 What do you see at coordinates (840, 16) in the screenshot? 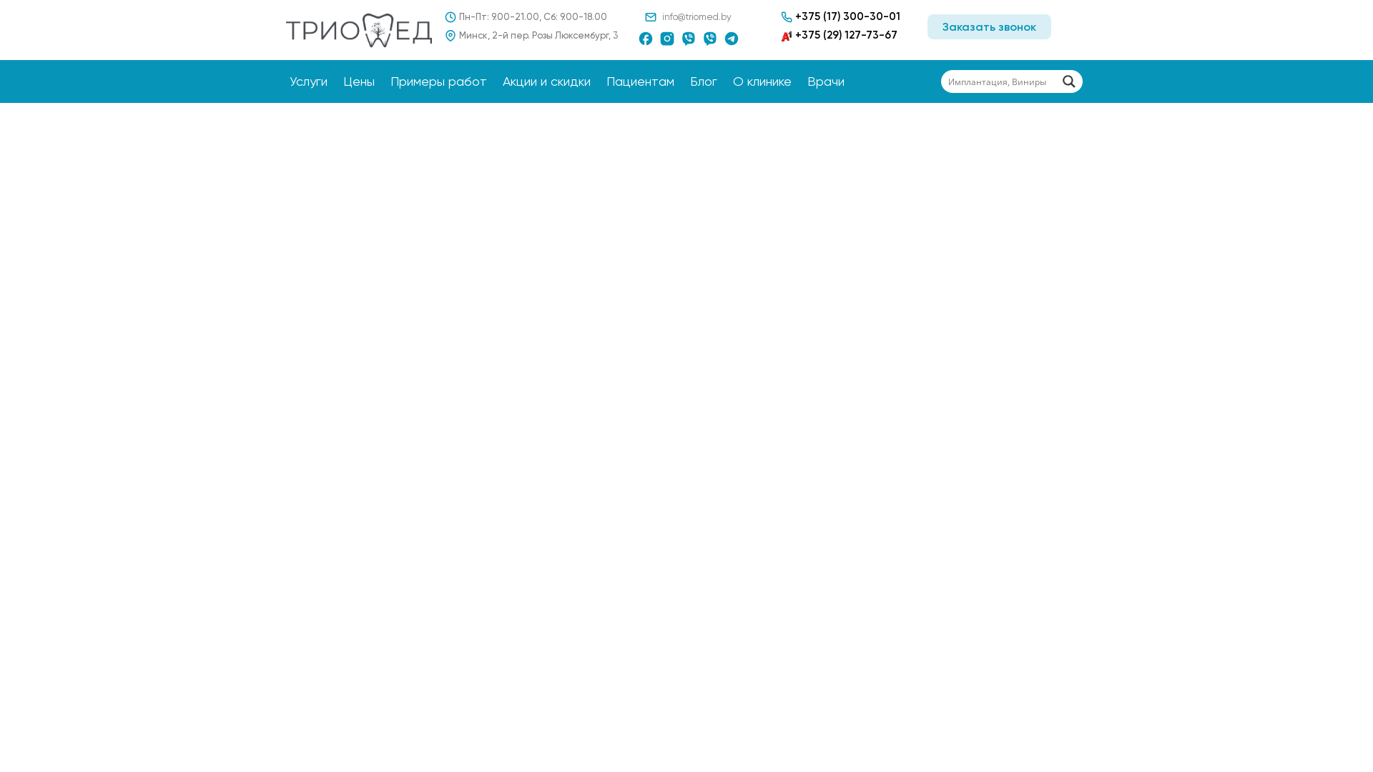
I see `'+375 (17) 300-30-01'` at bounding box center [840, 16].